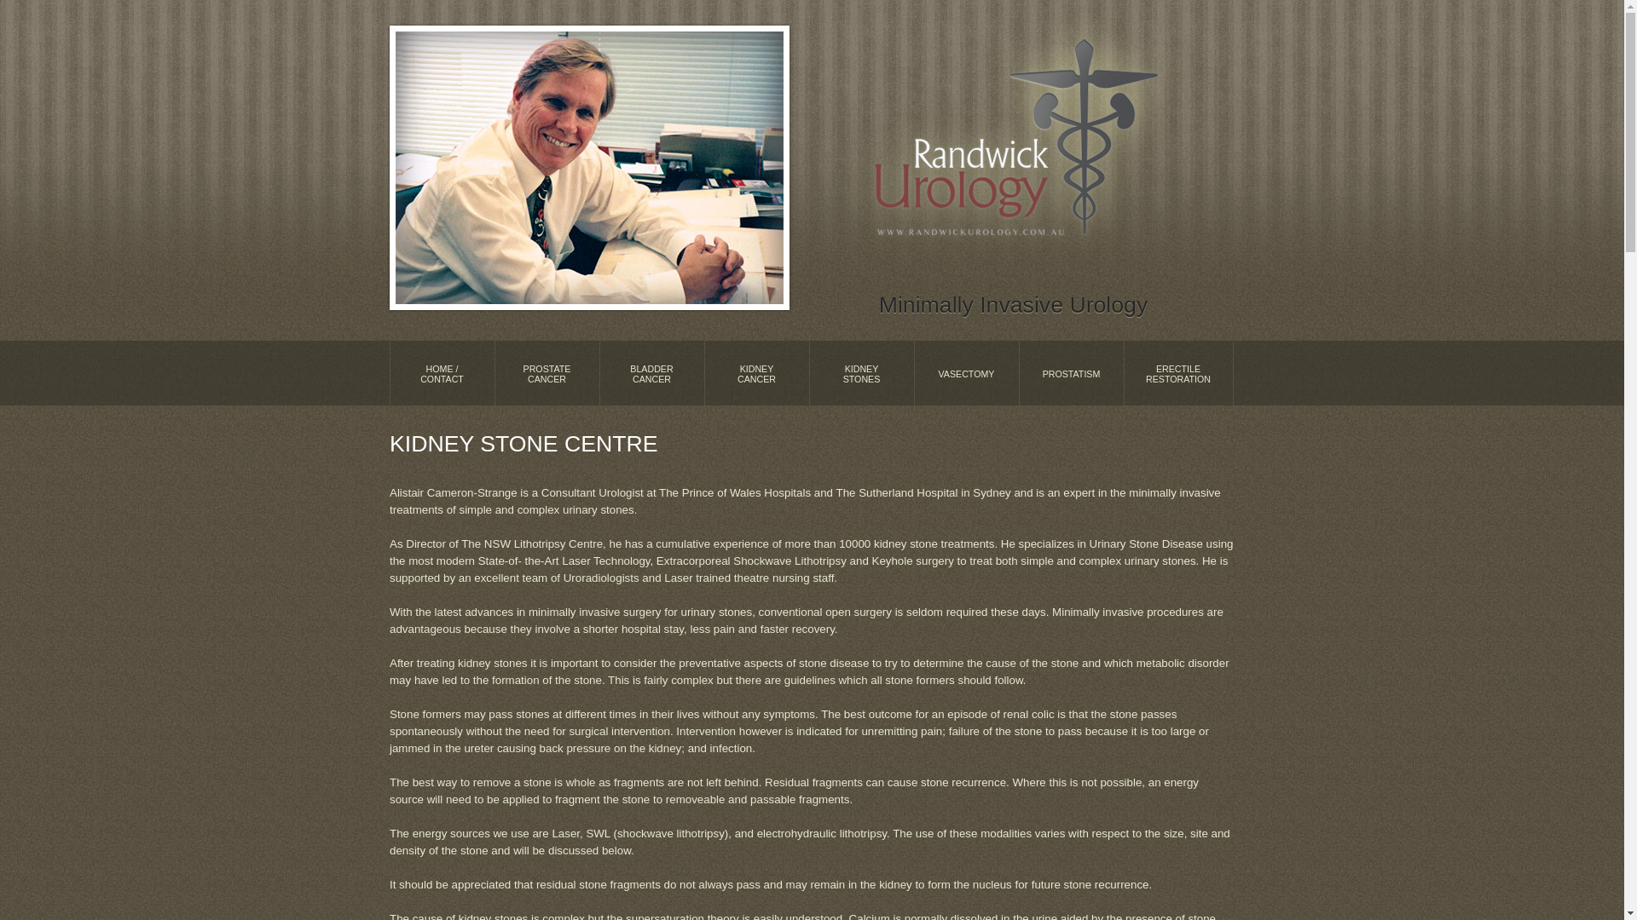 Image resolution: width=1637 pixels, height=920 pixels. I want to click on 'PROSTATE, so click(494, 372).